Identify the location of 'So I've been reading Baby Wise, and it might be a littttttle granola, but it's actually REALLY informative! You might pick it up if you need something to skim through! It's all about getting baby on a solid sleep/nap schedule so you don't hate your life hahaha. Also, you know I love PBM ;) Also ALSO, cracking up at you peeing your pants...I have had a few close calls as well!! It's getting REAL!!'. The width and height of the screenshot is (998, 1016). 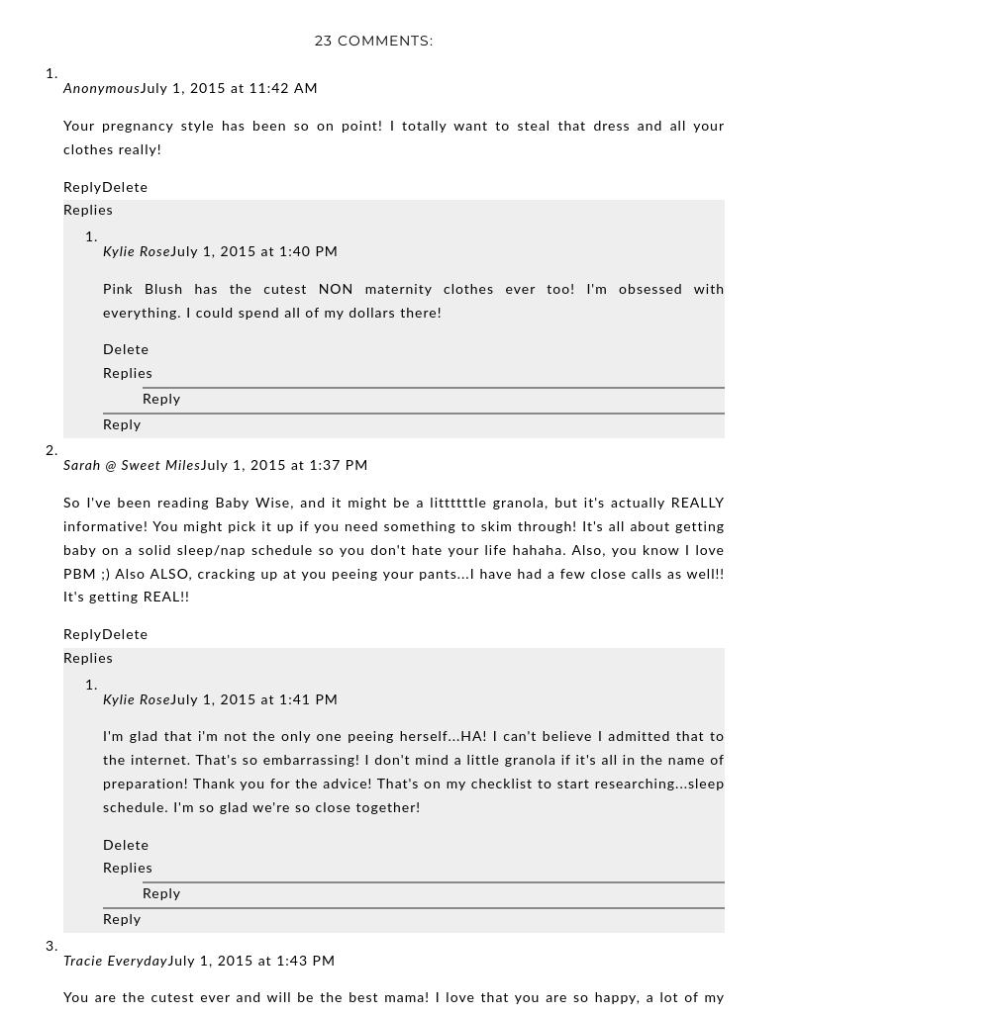
(63, 549).